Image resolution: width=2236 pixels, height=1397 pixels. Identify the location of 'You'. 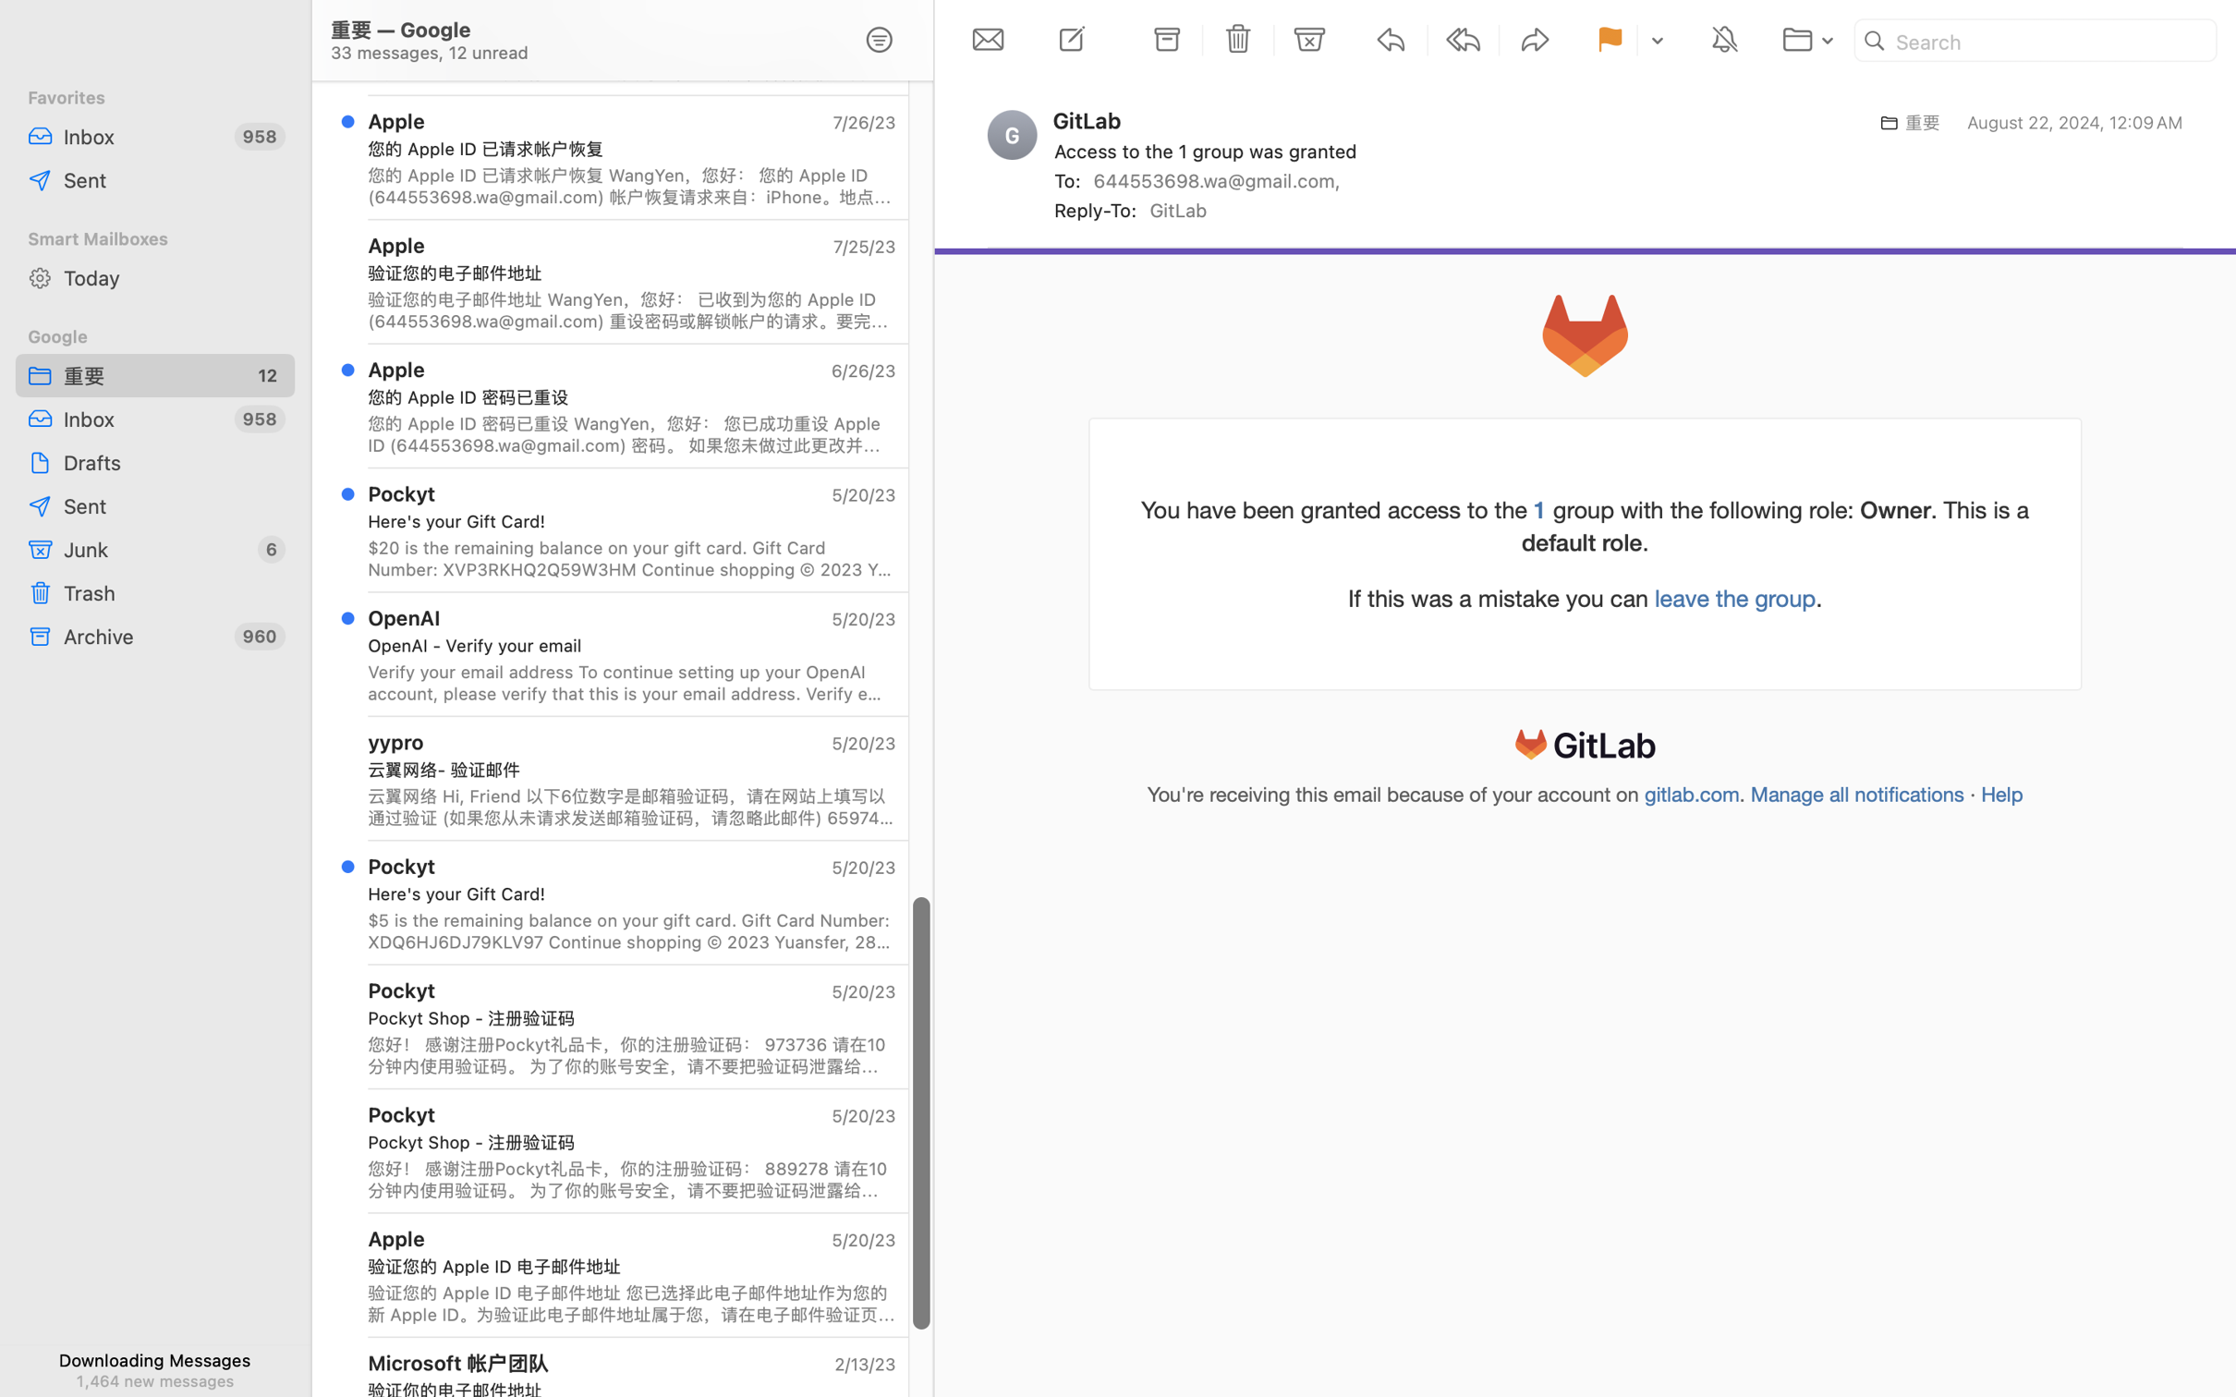
(1396, 795).